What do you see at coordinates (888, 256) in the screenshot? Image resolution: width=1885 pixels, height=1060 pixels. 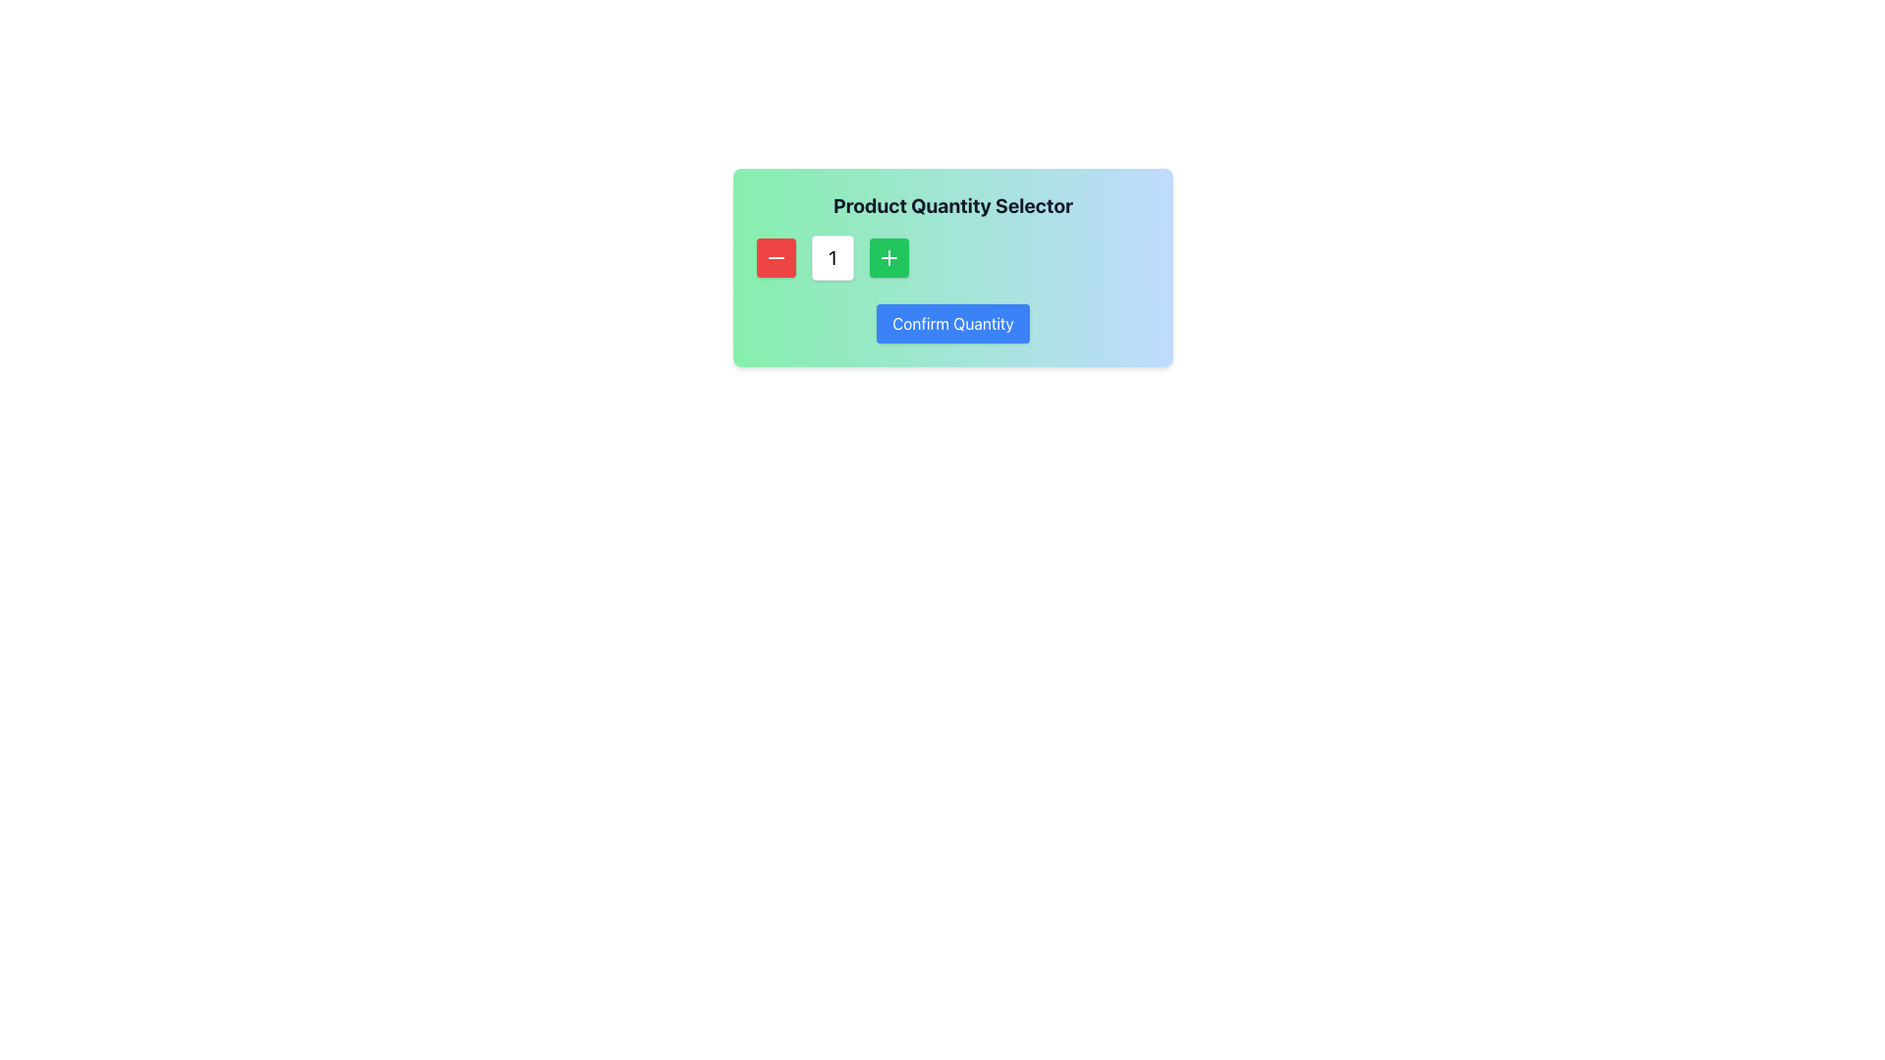 I see `the increment quantity button located to the right of the quantity display box and to the left of the Confirm Quantity button` at bounding box center [888, 256].